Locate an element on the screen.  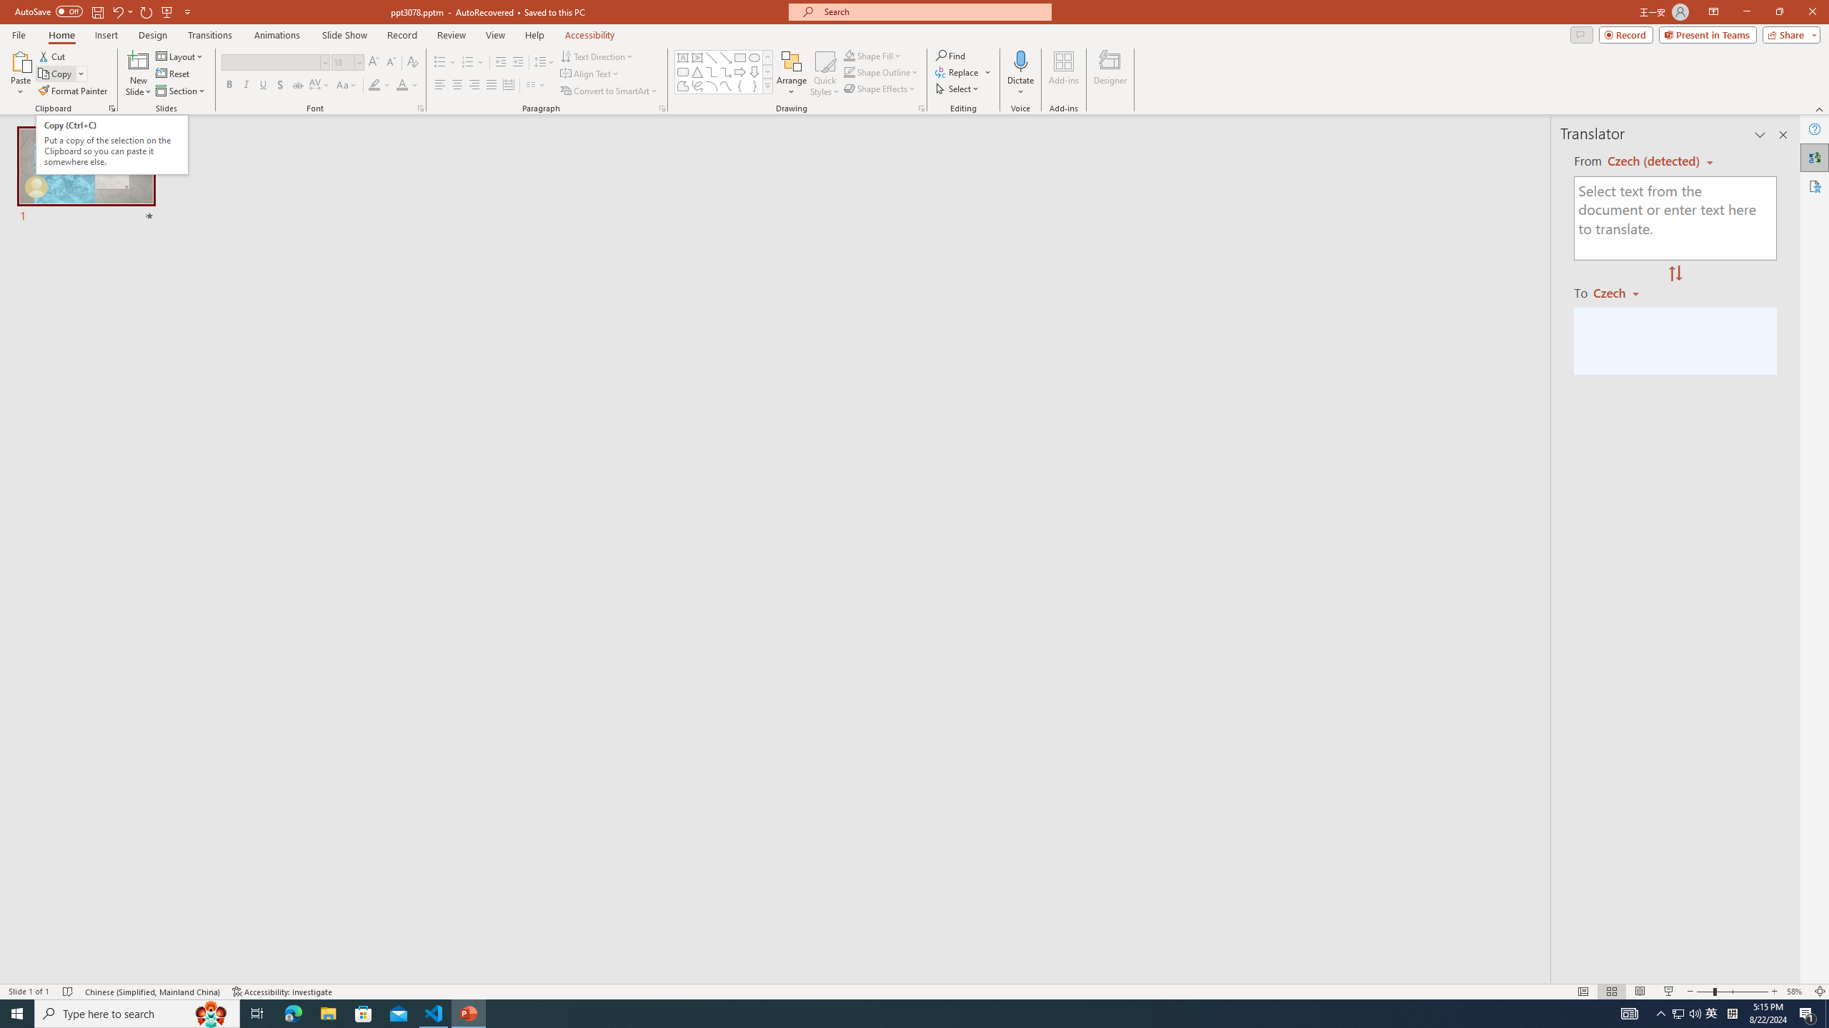
'Italic' is located at coordinates (245, 84).